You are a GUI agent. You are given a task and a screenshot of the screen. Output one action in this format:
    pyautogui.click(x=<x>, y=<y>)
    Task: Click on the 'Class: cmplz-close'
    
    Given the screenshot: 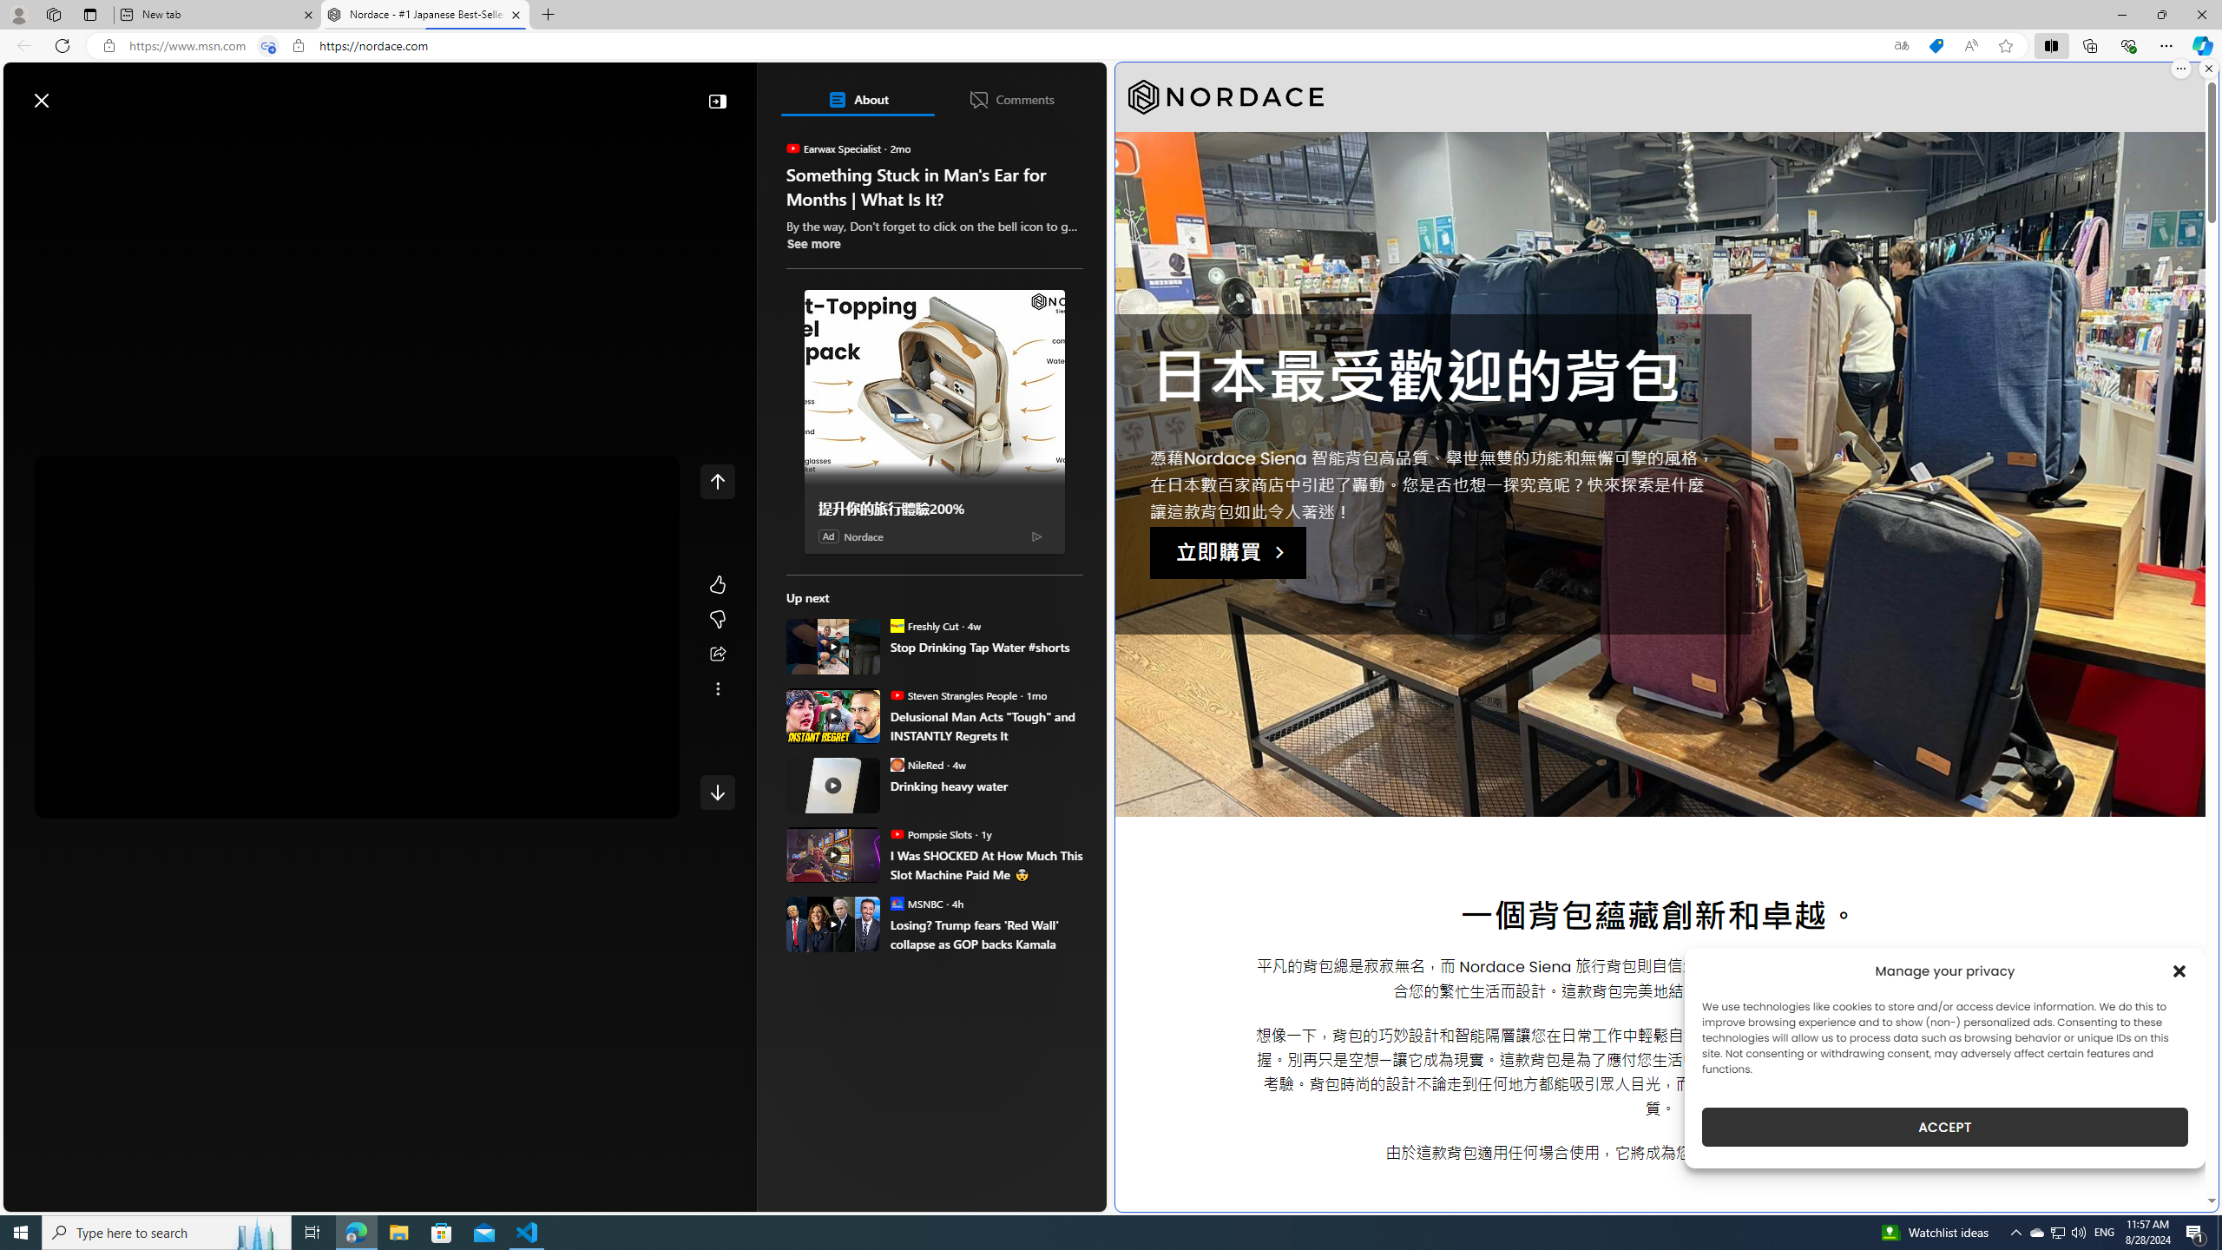 What is the action you would take?
    pyautogui.click(x=2179, y=970)
    